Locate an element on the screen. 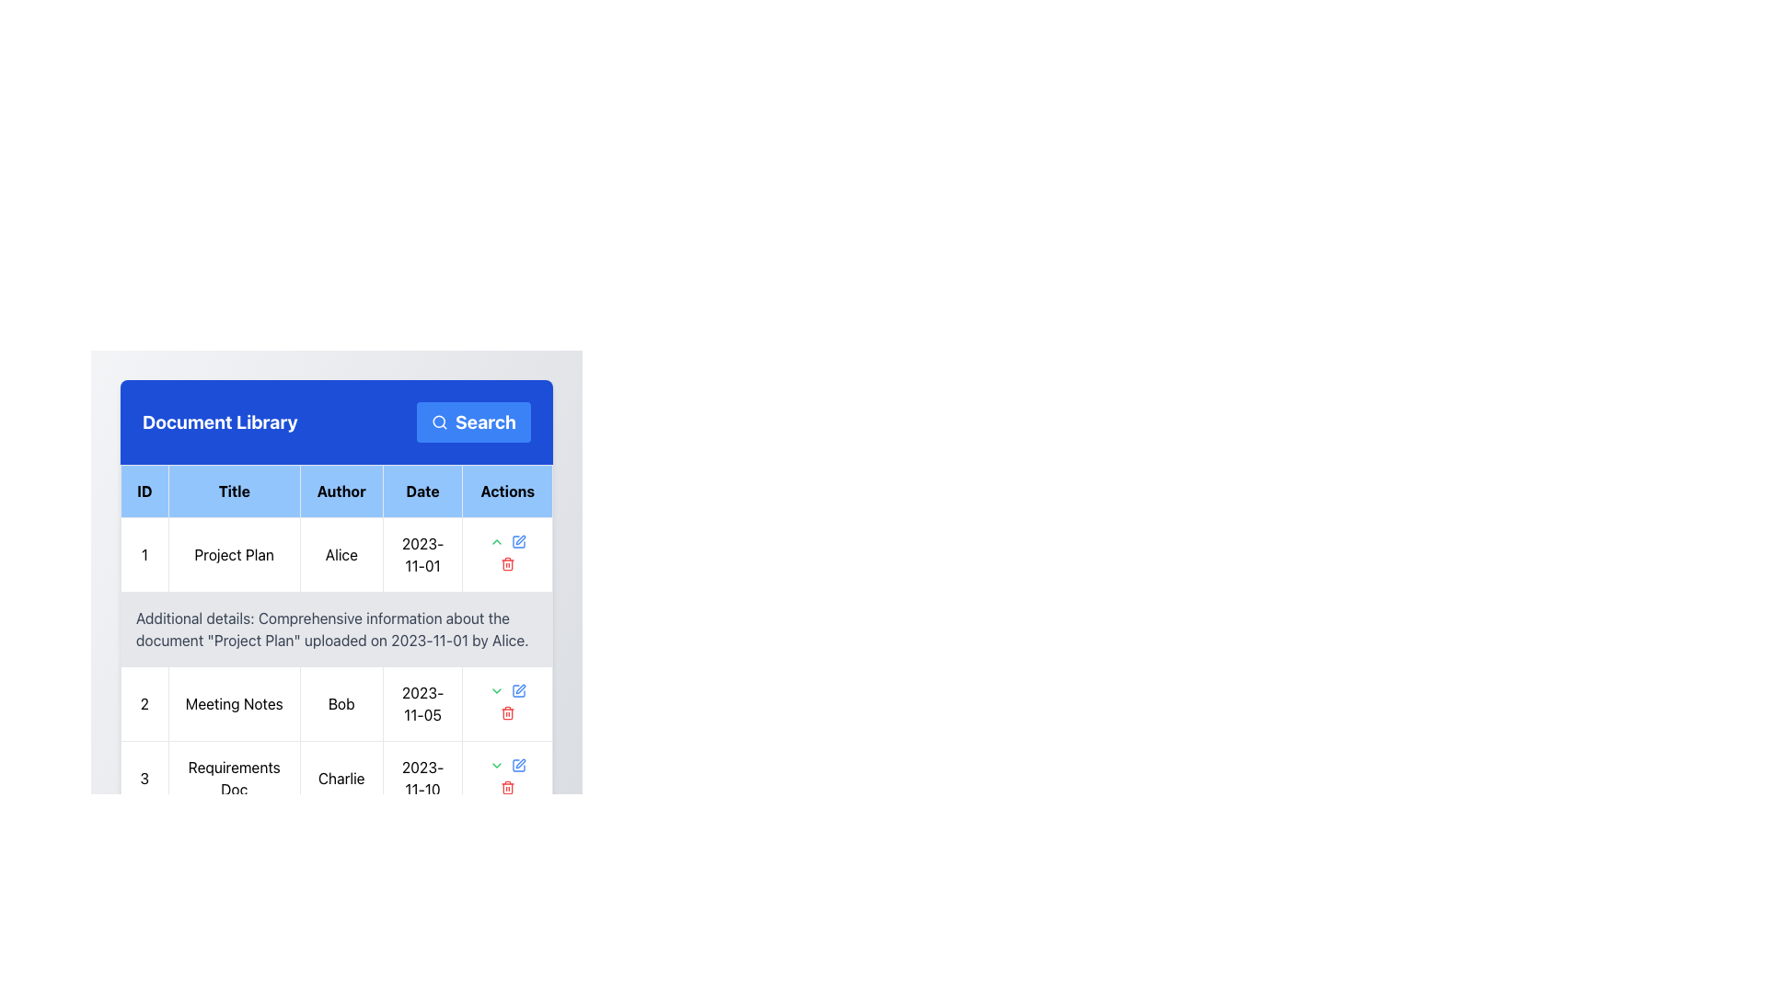  the third row in the 'Document Library' table, which contains the values '3', 'Requirements Doc', 'Charlie', and '2023-11-10' is located at coordinates (336, 778).